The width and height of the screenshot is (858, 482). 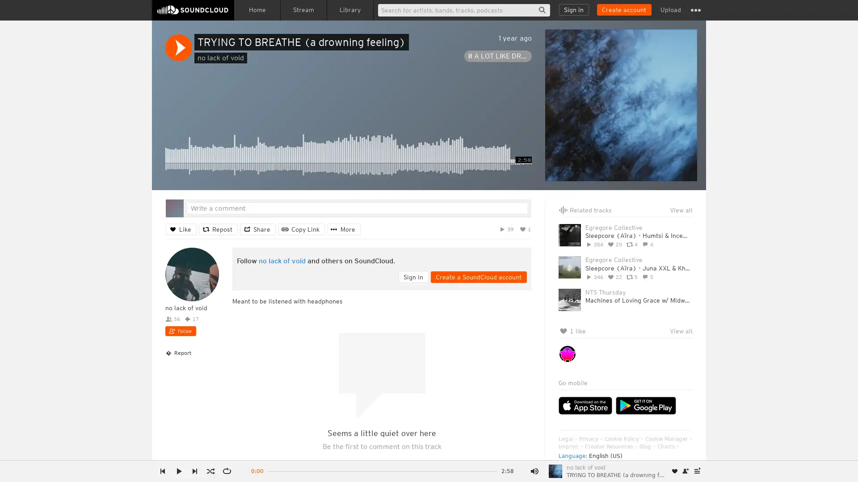 I want to click on Sign in, so click(x=413, y=276).